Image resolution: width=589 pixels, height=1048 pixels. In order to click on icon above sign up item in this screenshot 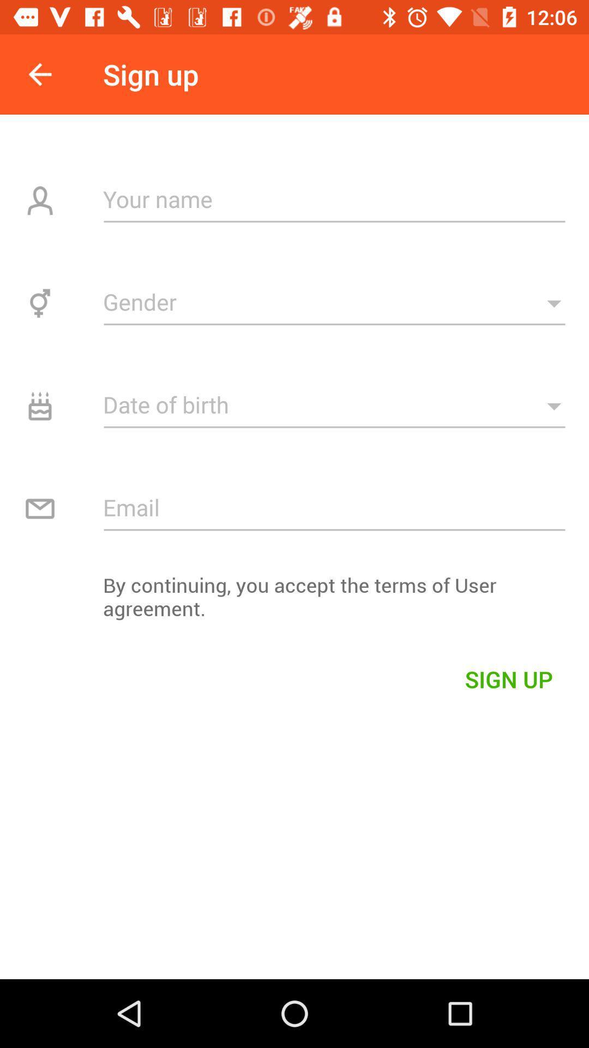, I will do `click(294, 602)`.